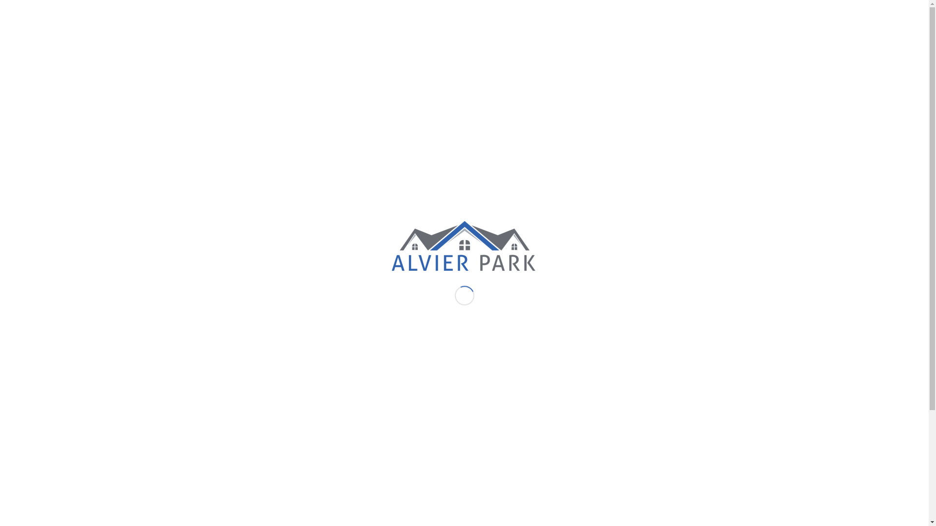  What do you see at coordinates (722, 36) in the screenshot?
I see `'Kontakt'` at bounding box center [722, 36].